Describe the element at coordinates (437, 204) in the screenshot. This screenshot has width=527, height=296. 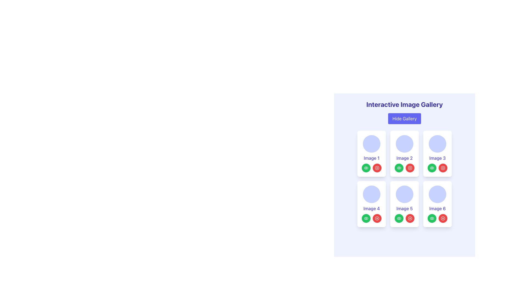
I see `the Card Element located in the bottom-right position of a 3x2 grid layout` at that location.